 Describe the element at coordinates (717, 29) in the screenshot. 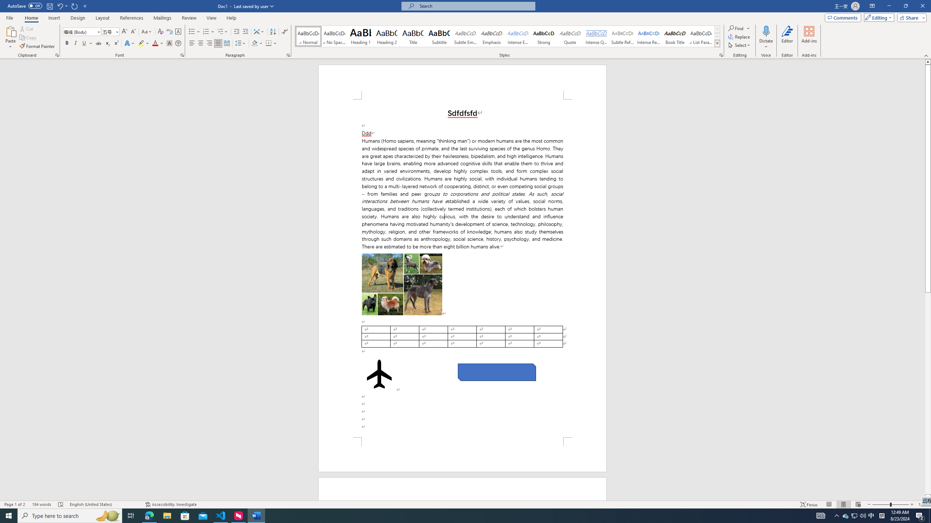

I see `'Row up'` at that location.